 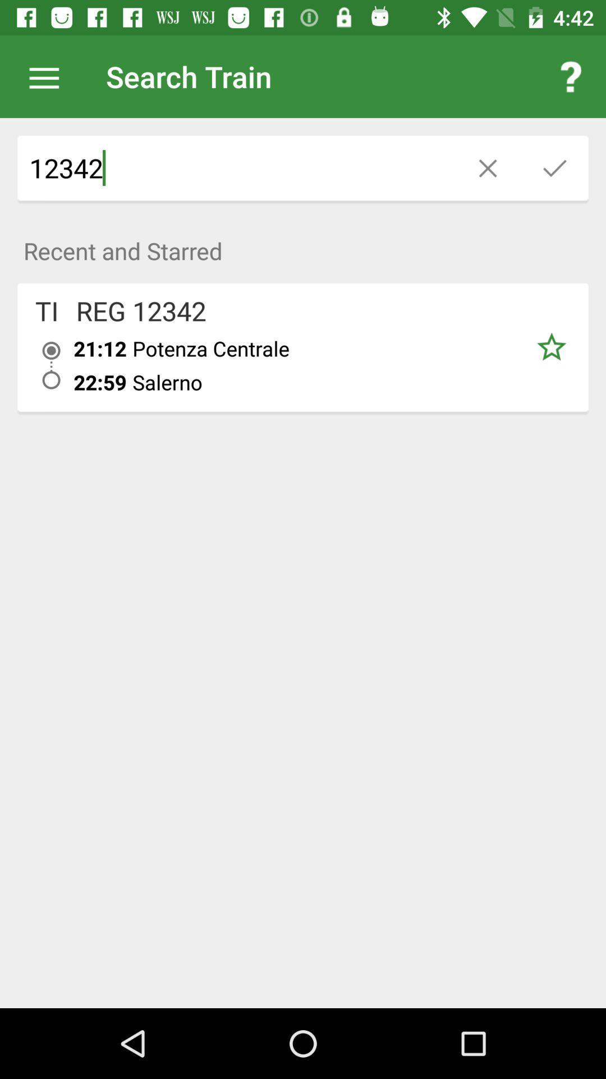 I want to click on the salerno icon, so click(x=323, y=382).